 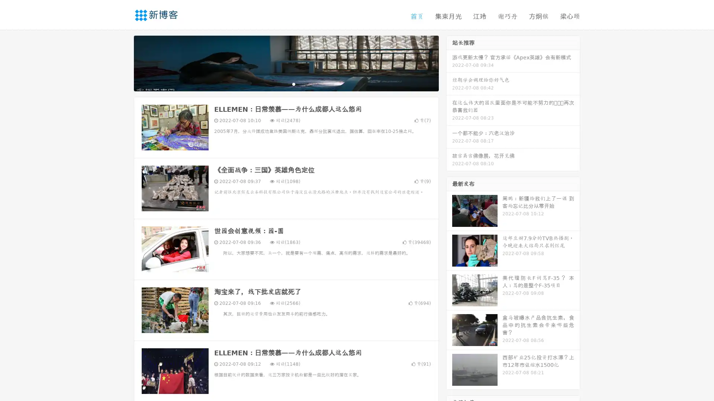 What do you see at coordinates (449, 62) in the screenshot?
I see `Next slide` at bounding box center [449, 62].